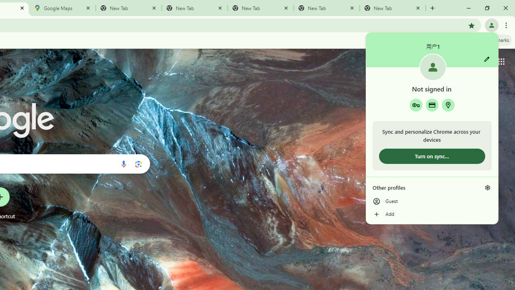 This screenshot has width=515, height=290. I want to click on 'Google Password Manager', so click(416, 105).